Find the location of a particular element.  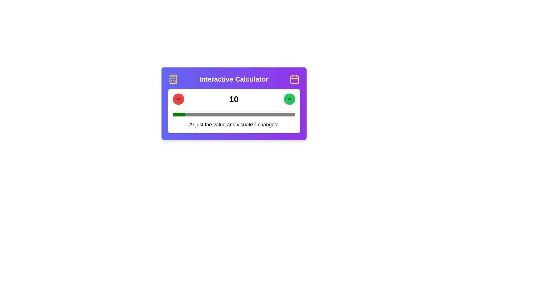

the slider value is located at coordinates (278, 115).